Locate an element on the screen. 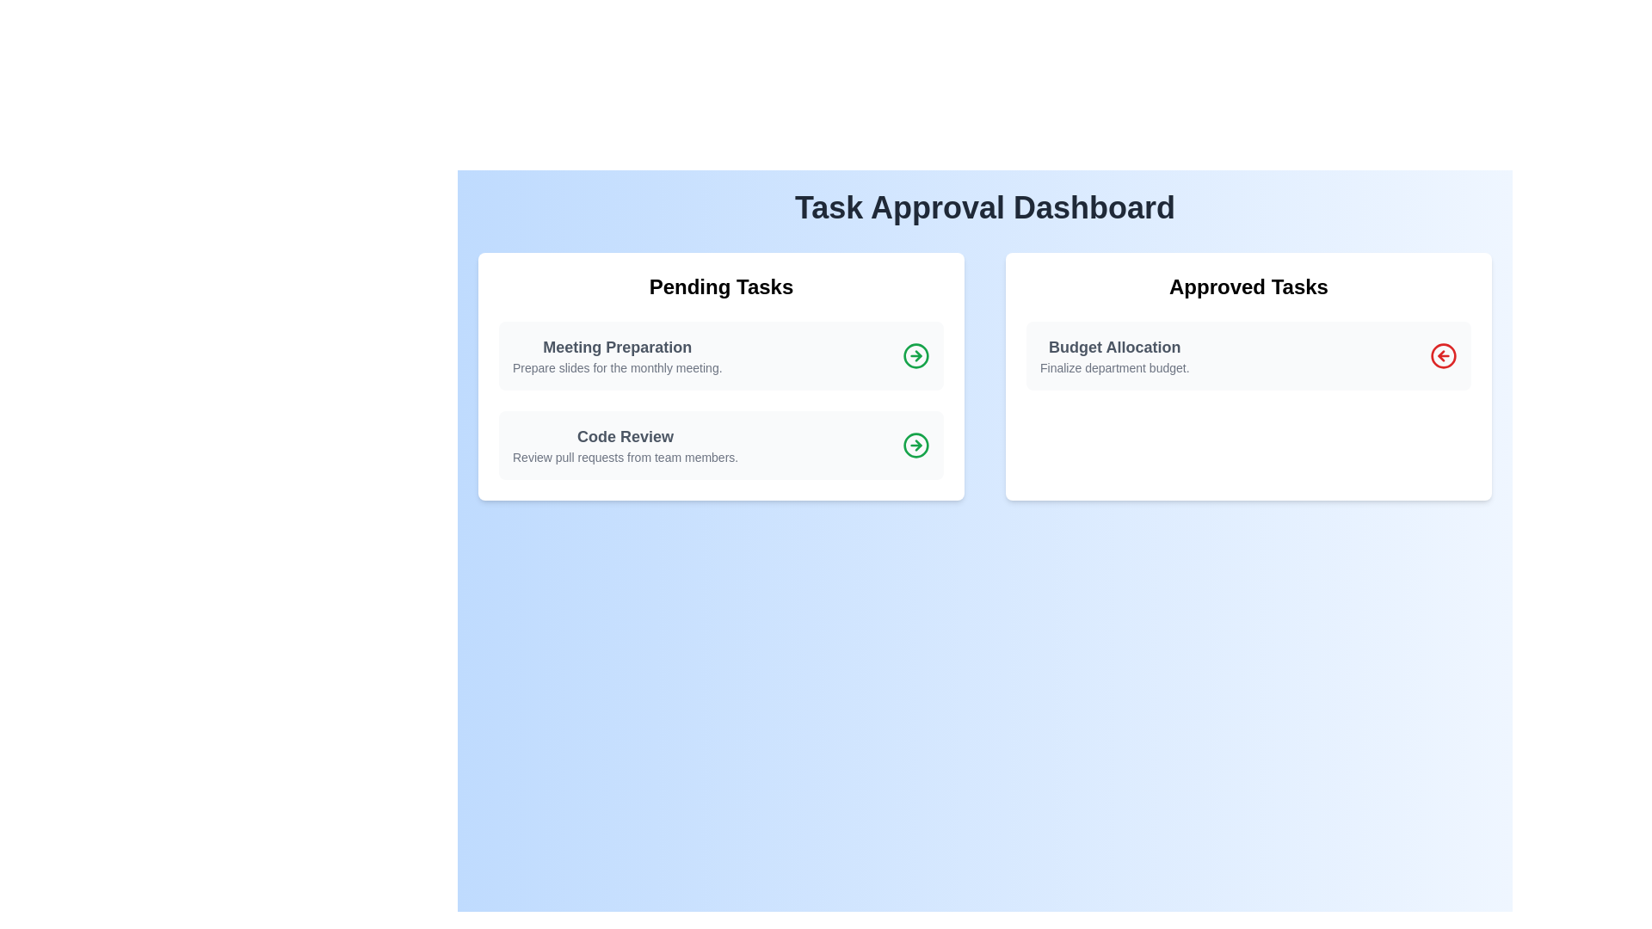  the button located at the far right side inside the list item for 'Meeting Preparation' in the 'Pending Tasks' section is located at coordinates (915, 354).